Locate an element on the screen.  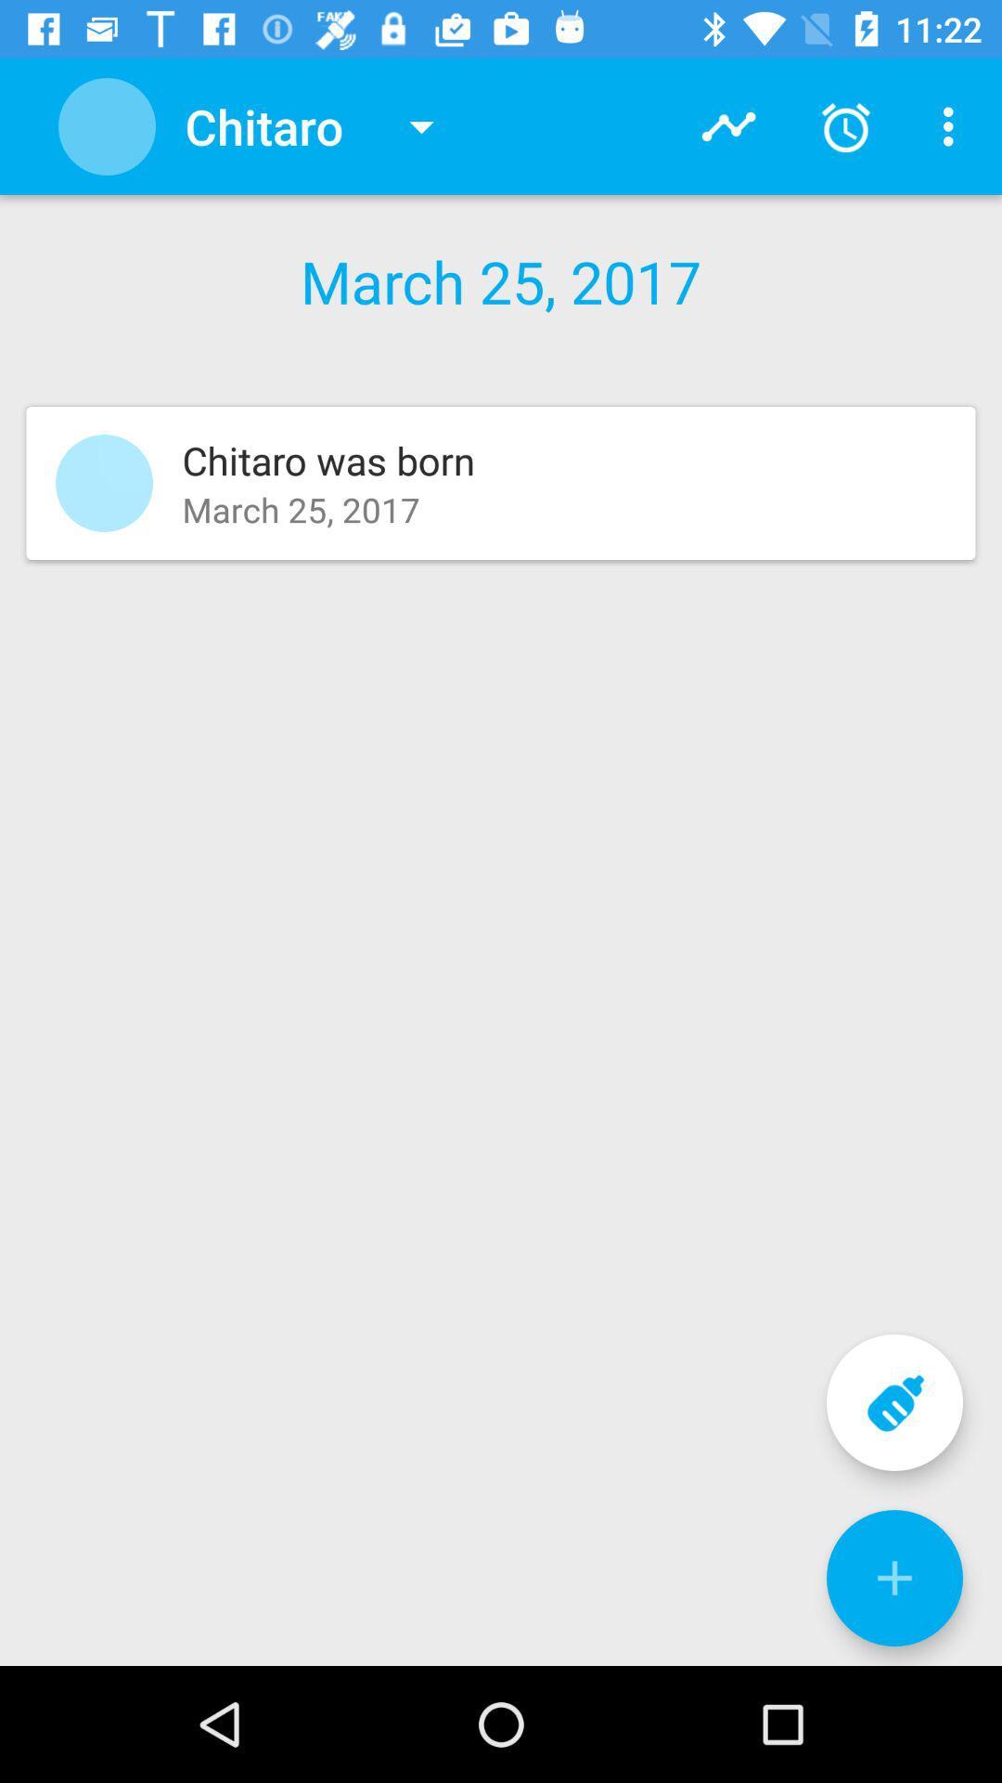
the alarm icon is located at coordinates (845, 126).